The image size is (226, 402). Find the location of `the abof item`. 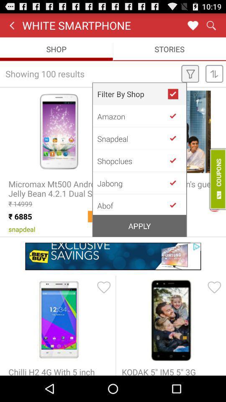

the abof item is located at coordinates (132, 204).